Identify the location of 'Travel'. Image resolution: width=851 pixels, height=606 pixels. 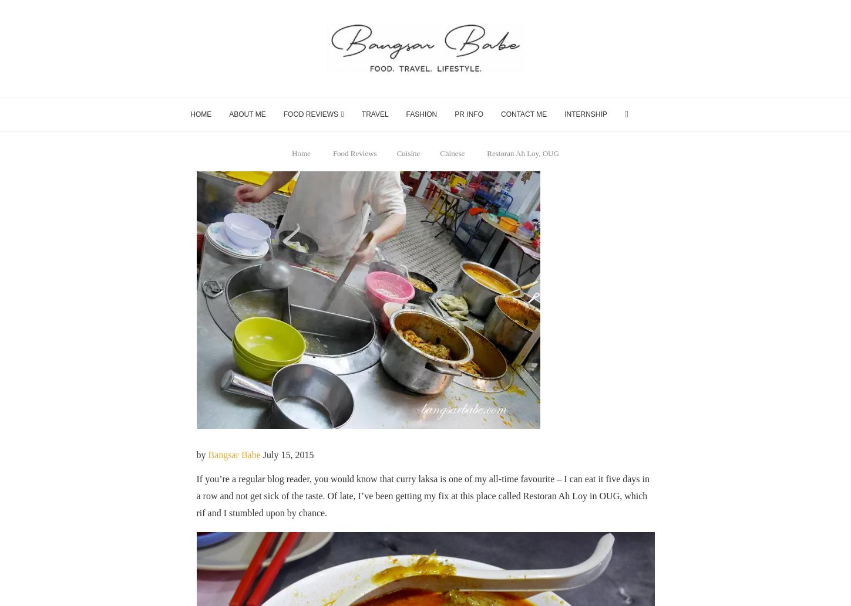
(374, 114).